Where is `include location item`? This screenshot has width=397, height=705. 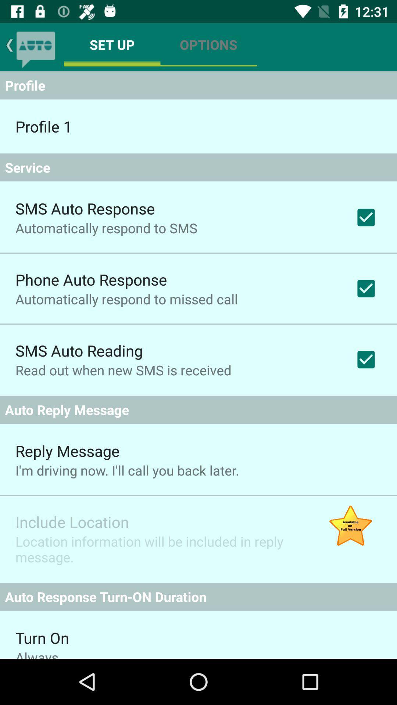 include location item is located at coordinates (72, 521).